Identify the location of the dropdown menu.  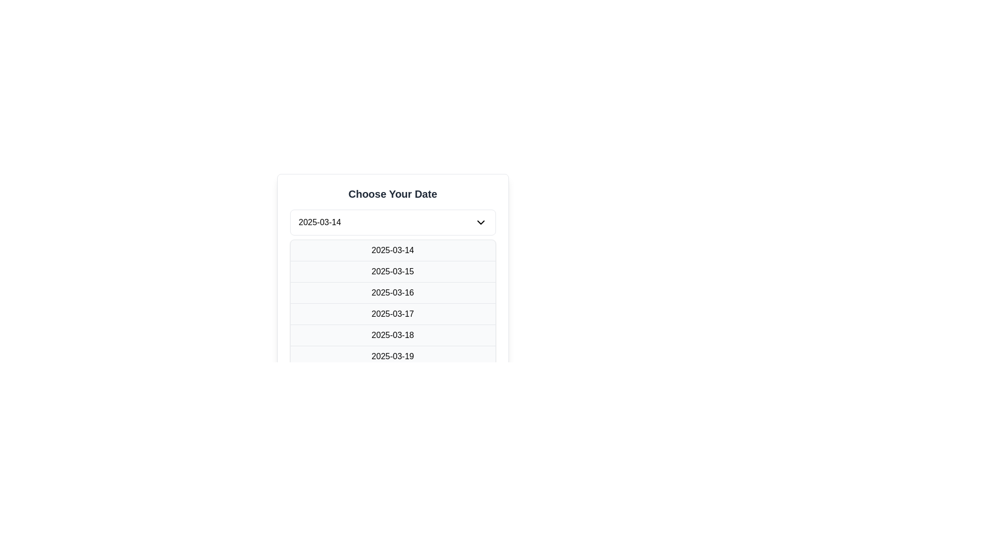
(392, 222).